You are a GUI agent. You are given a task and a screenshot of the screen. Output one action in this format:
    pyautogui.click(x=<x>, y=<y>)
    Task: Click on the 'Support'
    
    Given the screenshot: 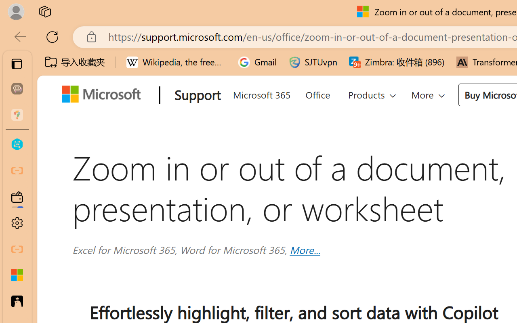 What is the action you would take?
    pyautogui.click(x=196, y=95)
    